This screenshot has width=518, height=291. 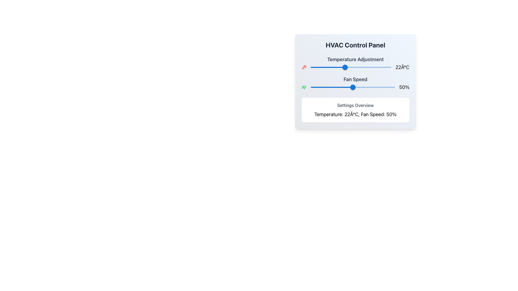 I want to click on the slider value, so click(x=328, y=87).